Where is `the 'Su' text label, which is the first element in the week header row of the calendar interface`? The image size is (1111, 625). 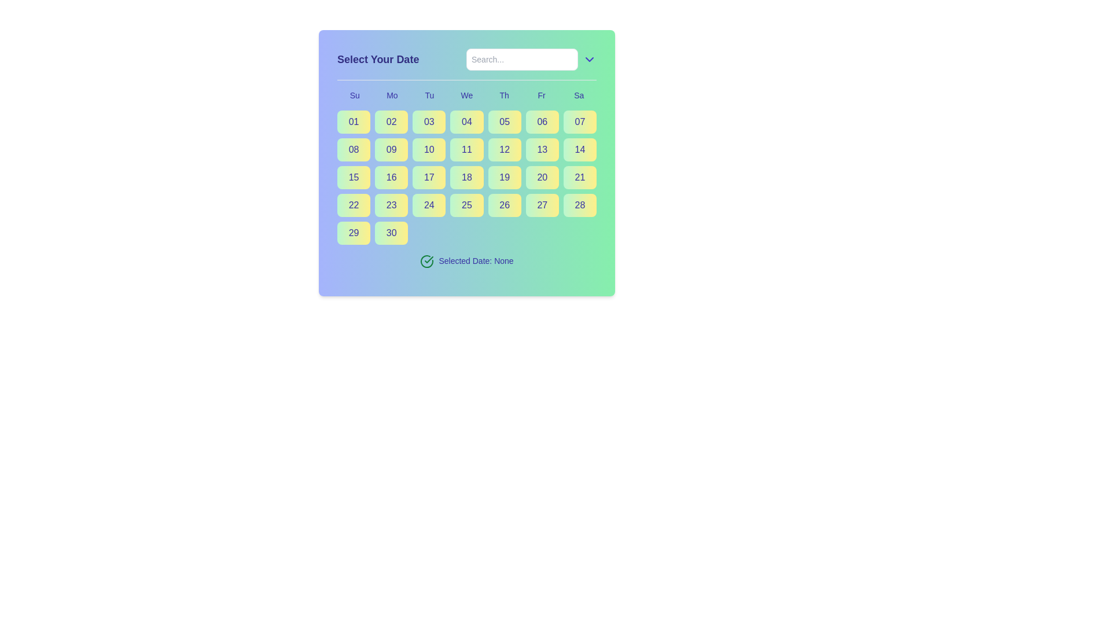 the 'Su' text label, which is the first element in the week header row of the calendar interface is located at coordinates (354, 95).